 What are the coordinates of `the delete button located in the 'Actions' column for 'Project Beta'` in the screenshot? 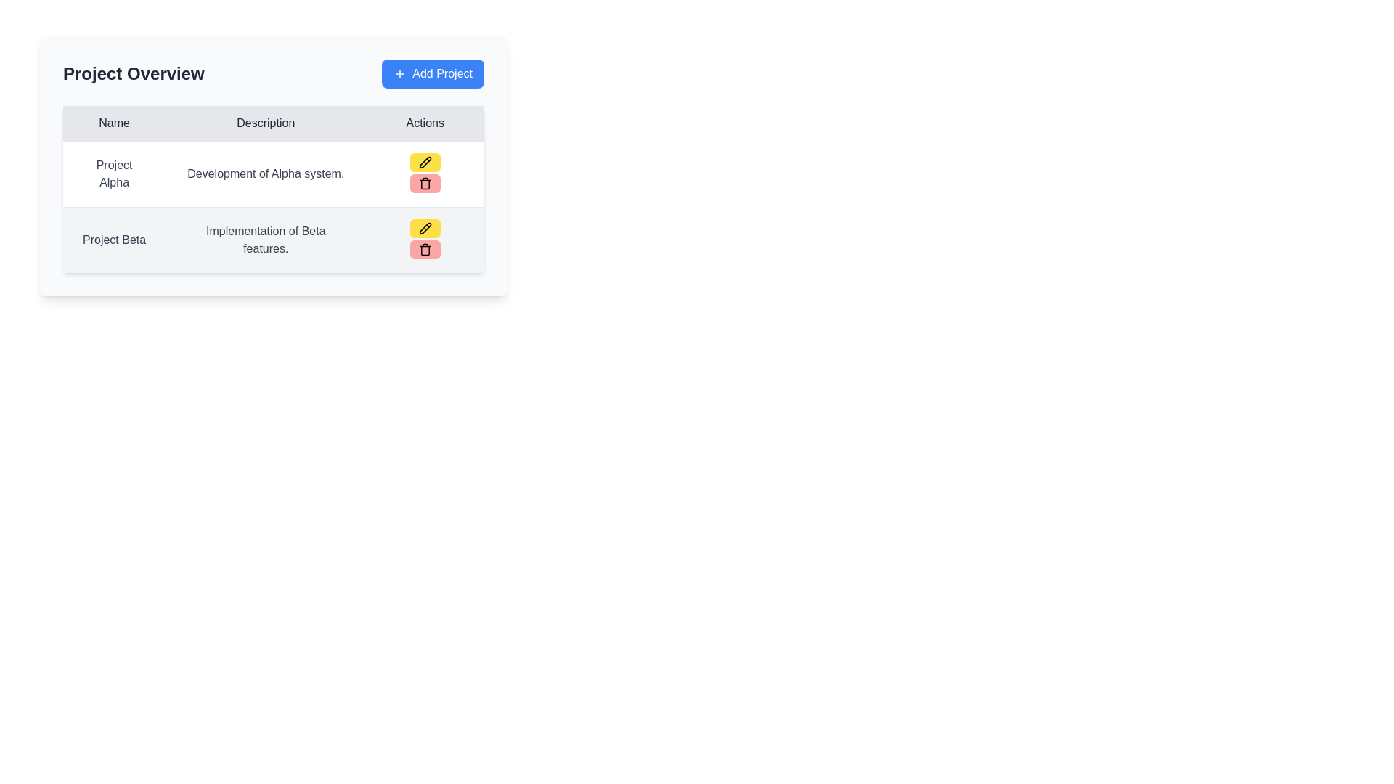 It's located at (424, 248).